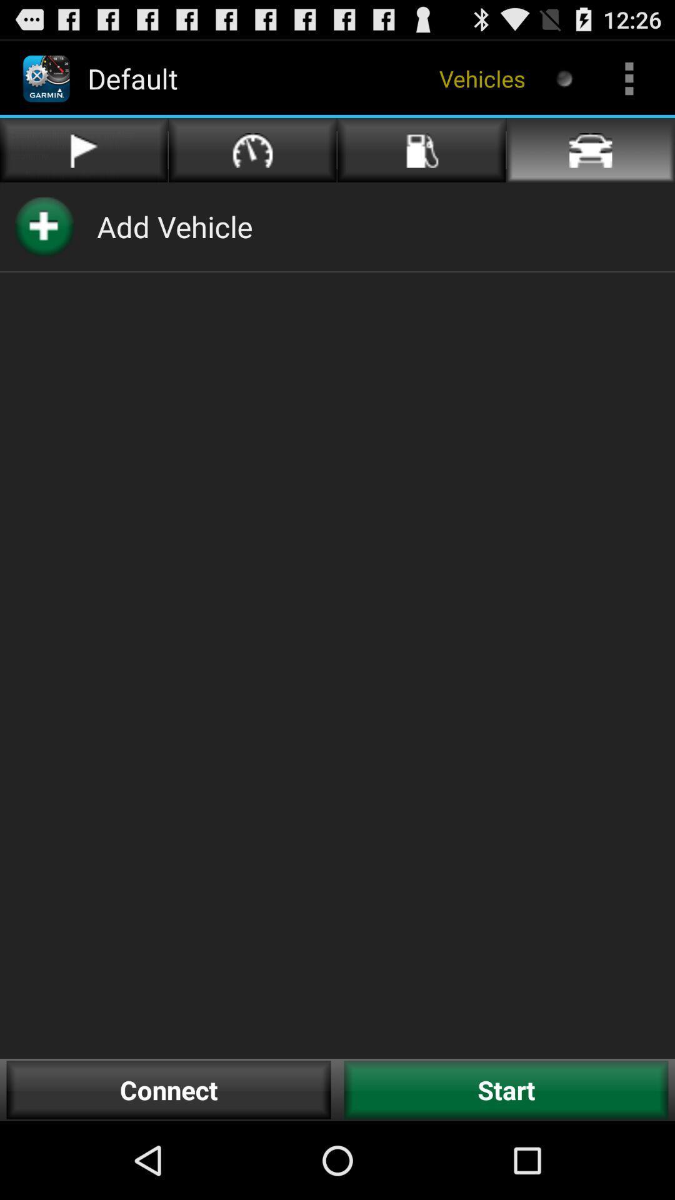 This screenshot has height=1200, width=675. I want to click on the start at the bottom right corner, so click(506, 1089).